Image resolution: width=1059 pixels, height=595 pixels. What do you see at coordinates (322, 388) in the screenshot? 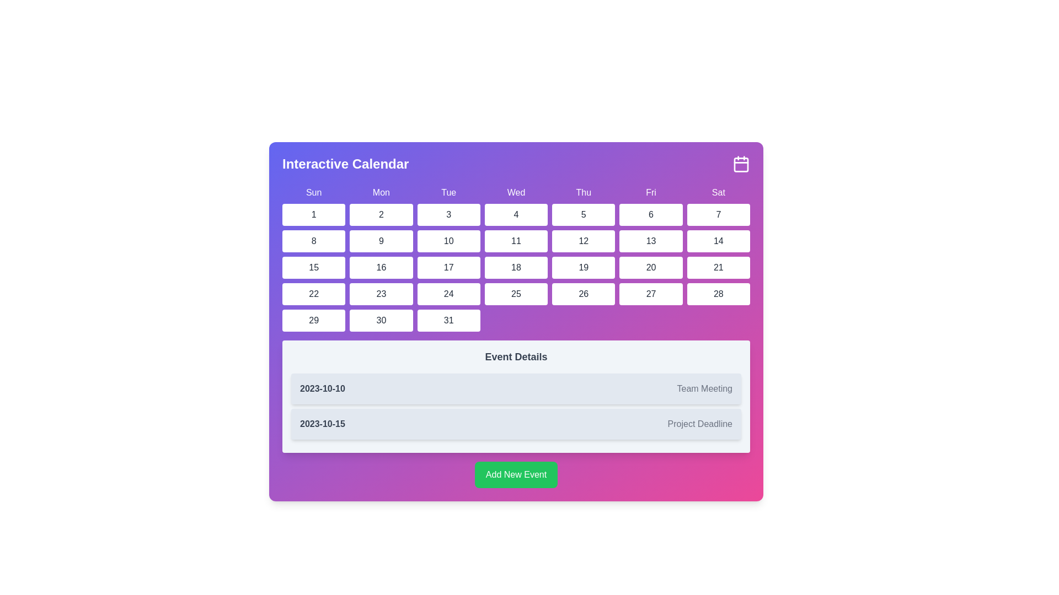
I see `the Text label displaying the date of the related event located within the 'Event Details' section` at bounding box center [322, 388].